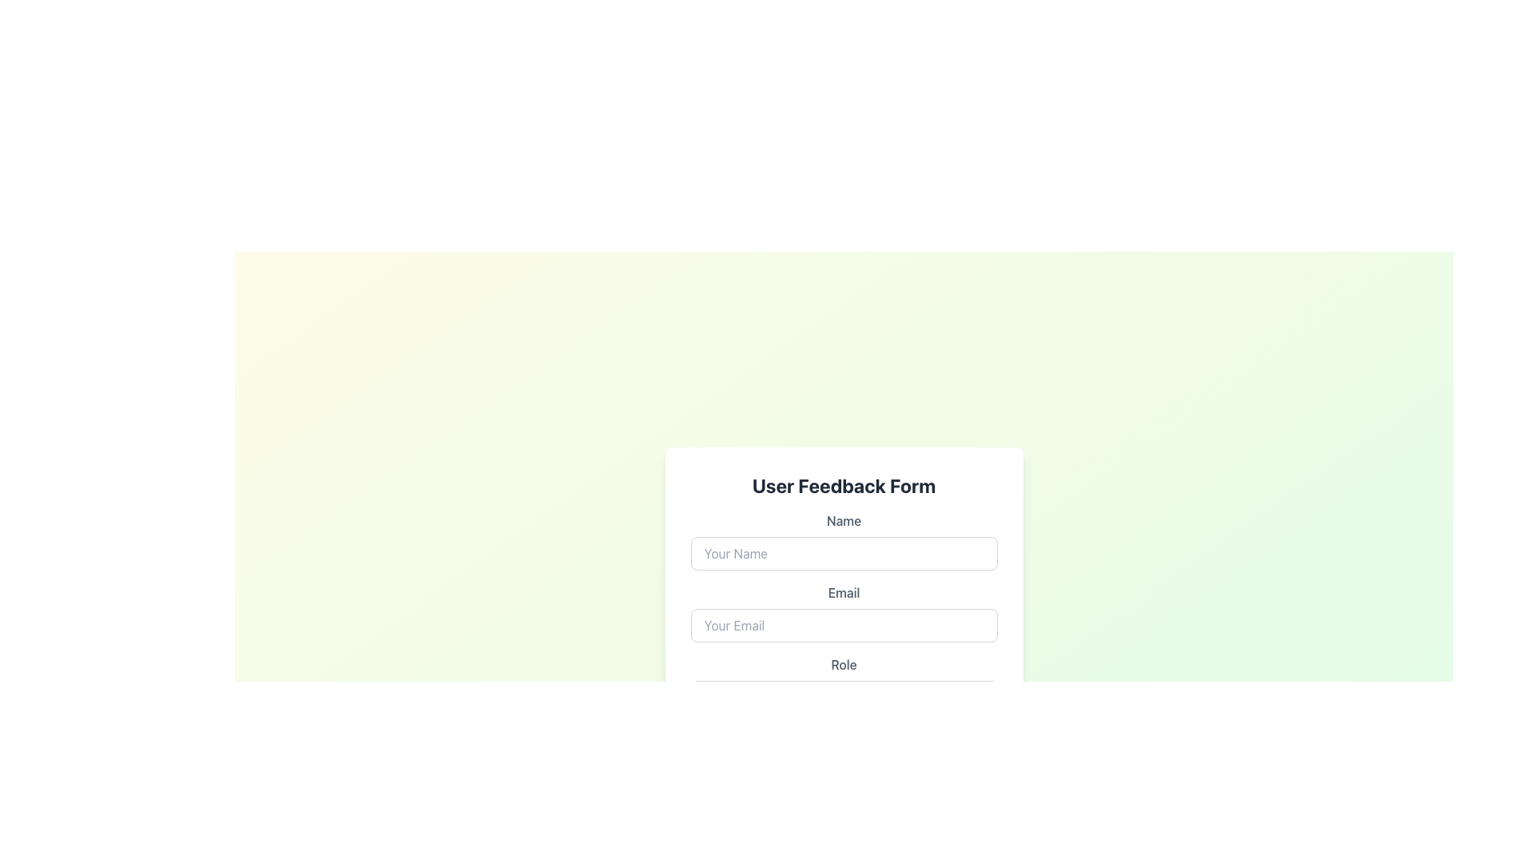 This screenshot has width=1534, height=863. What do you see at coordinates (843, 540) in the screenshot?
I see `the first input field for user name in the 'User Feedback Form'` at bounding box center [843, 540].